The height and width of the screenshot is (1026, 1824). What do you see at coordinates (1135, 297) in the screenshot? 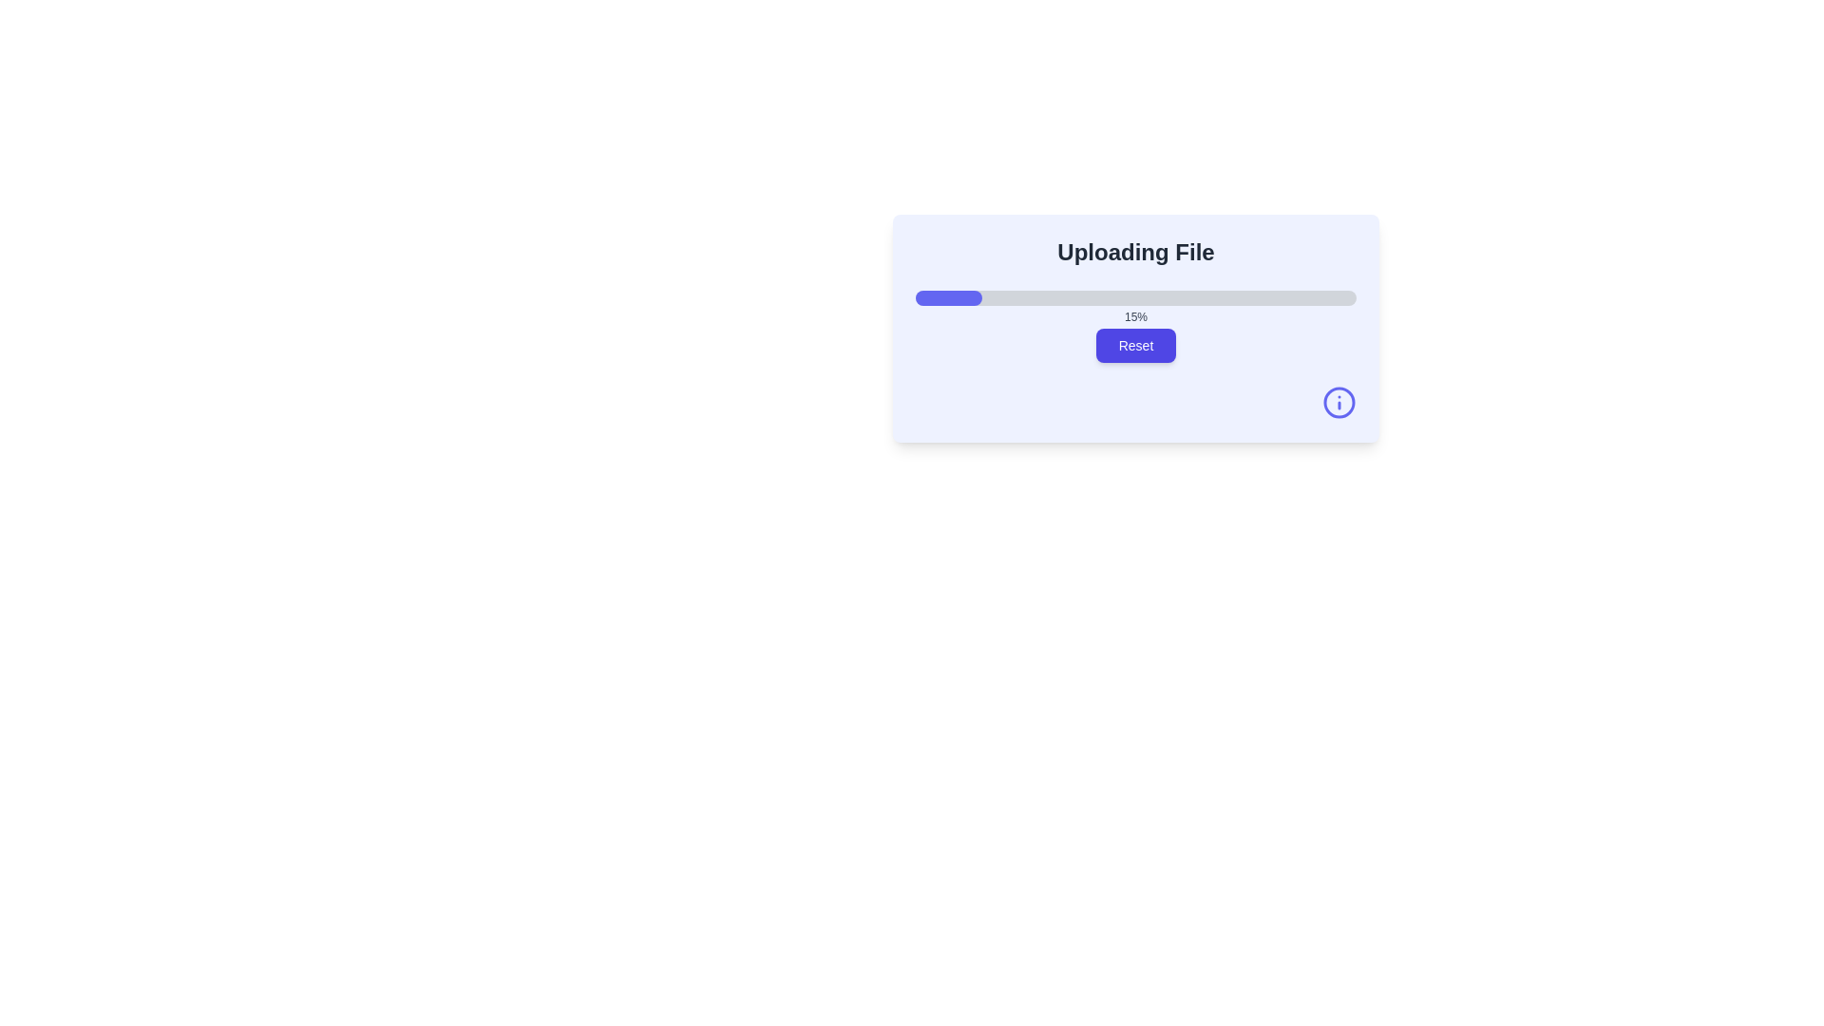
I see `the progress bar indicating the current progress of the upload process, which is located beneath the 'Uploading File' title and above the 'Reset' button` at bounding box center [1135, 297].